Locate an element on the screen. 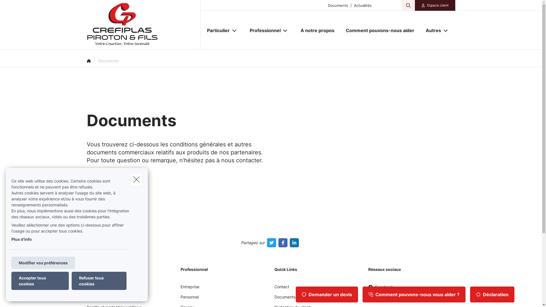  'Accepter tous cookies' is located at coordinates (40, 280).